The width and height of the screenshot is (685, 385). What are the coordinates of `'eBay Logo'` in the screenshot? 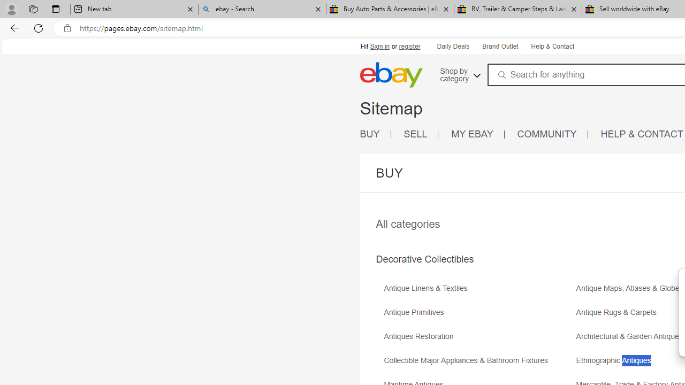 It's located at (390, 74).